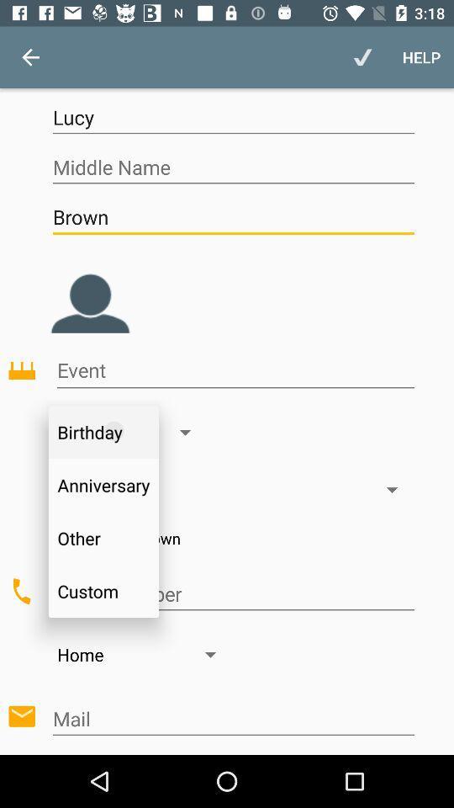  Describe the element at coordinates (232, 167) in the screenshot. I see `item below the lucy icon` at that location.